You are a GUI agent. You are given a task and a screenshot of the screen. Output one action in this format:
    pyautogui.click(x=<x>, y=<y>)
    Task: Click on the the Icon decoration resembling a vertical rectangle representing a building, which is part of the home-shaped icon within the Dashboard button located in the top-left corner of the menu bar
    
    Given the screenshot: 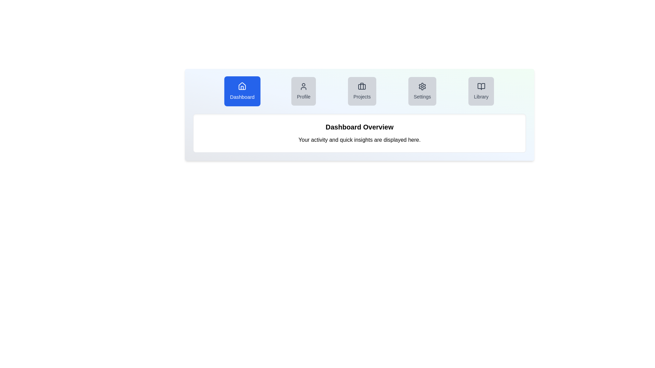 What is the action you would take?
    pyautogui.click(x=242, y=88)
    